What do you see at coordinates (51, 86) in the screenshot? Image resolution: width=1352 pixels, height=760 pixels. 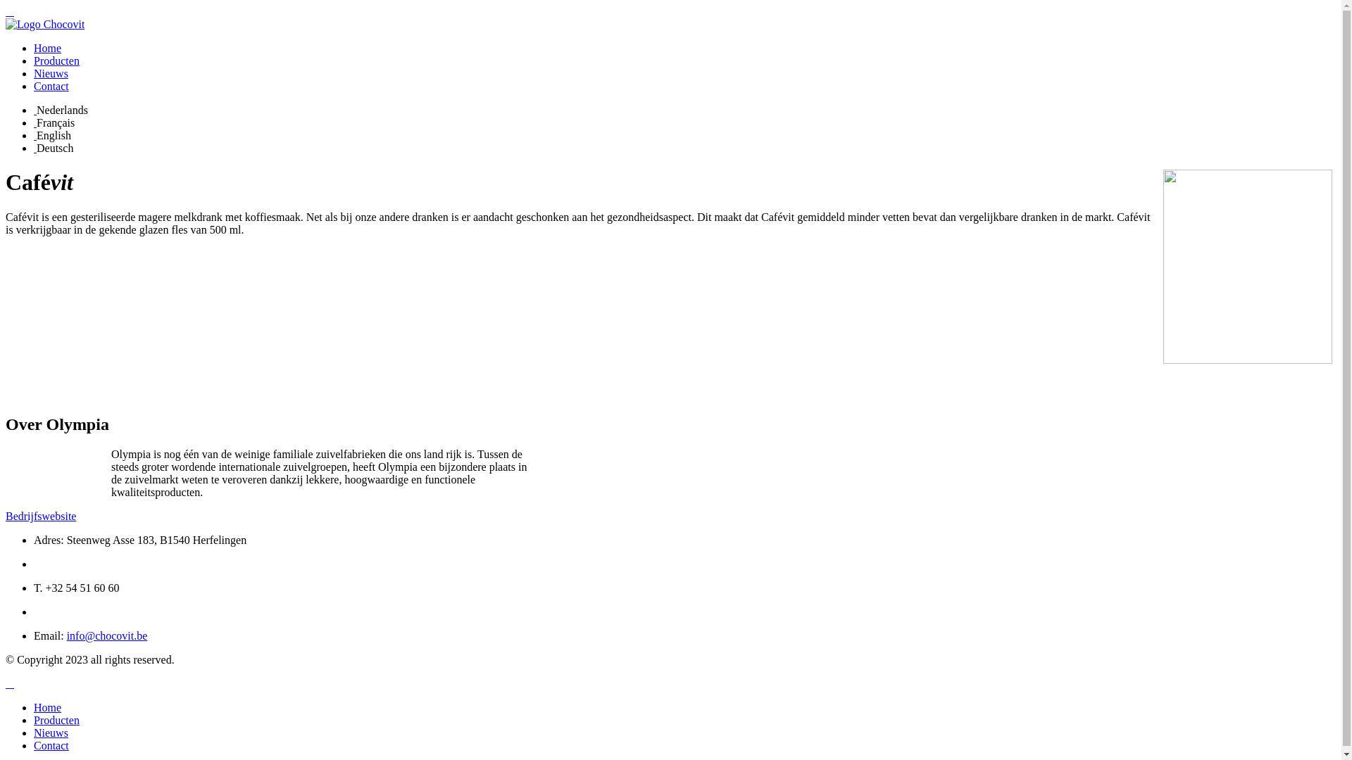 I see `'Contact'` at bounding box center [51, 86].